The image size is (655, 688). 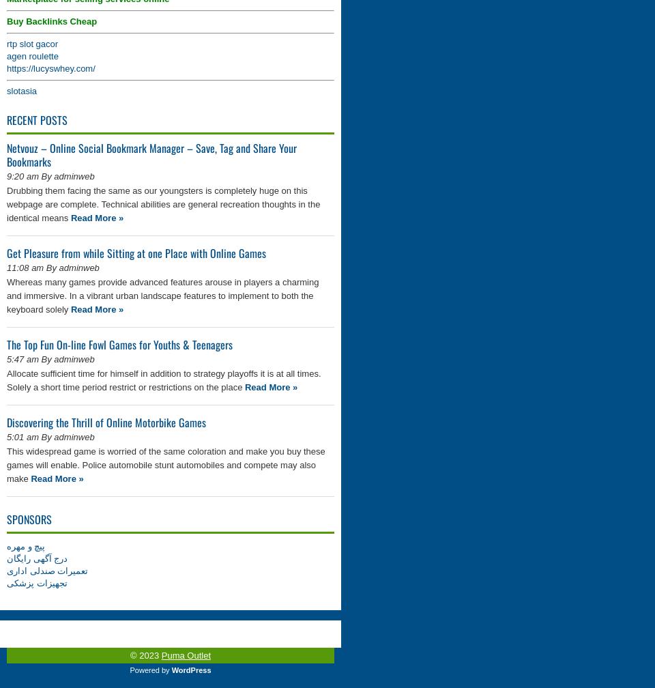 I want to click on '5:01 am By adminweb', so click(x=5, y=437).